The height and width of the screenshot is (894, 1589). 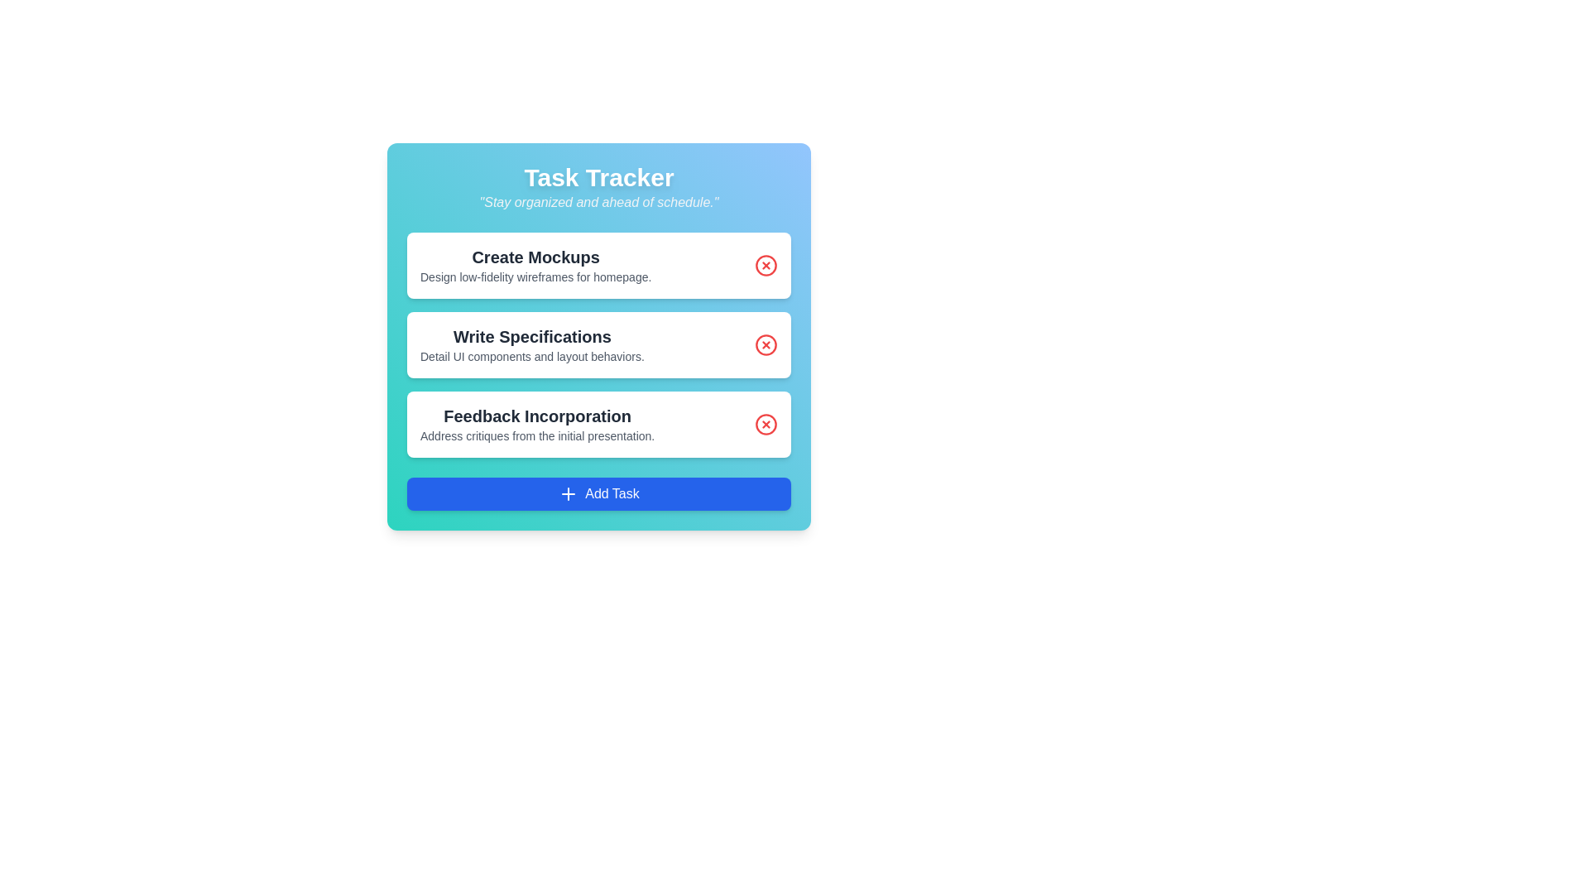 I want to click on the task titled 'Write Specifications' to read its details, so click(x=598, y=344).